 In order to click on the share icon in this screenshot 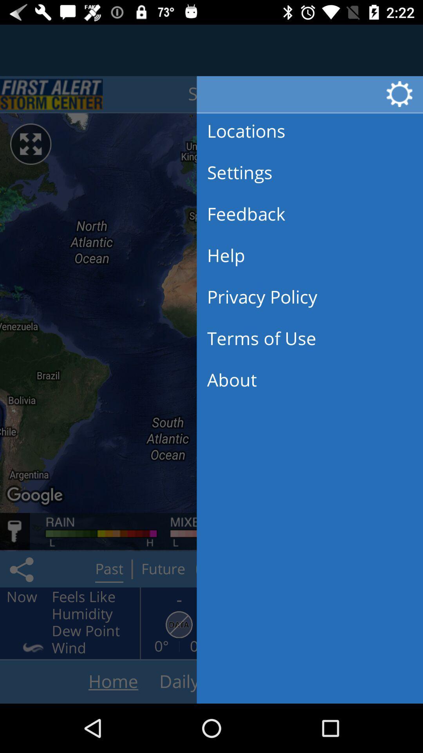, I will do `click(23, 569)`.